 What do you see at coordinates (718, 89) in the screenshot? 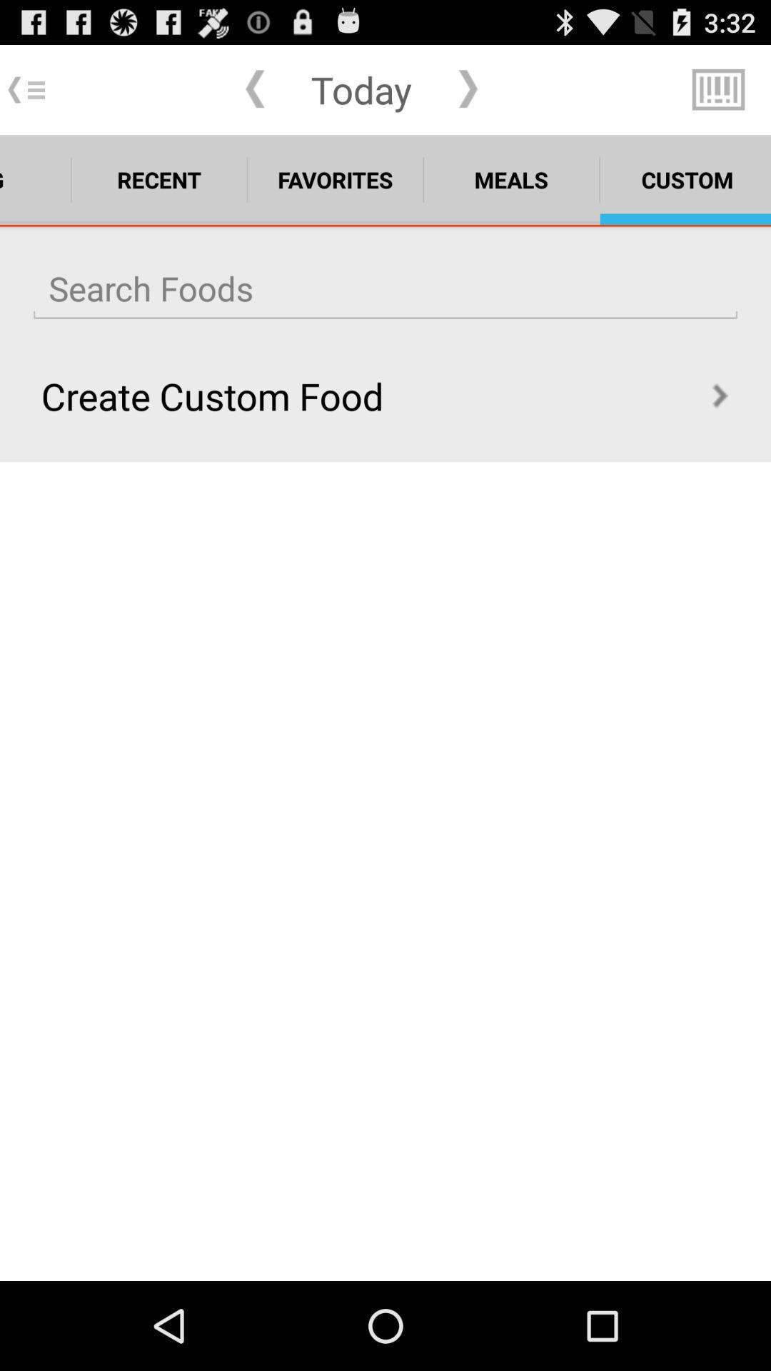
I see `the item above custom item` at bounding box center [718, 89].